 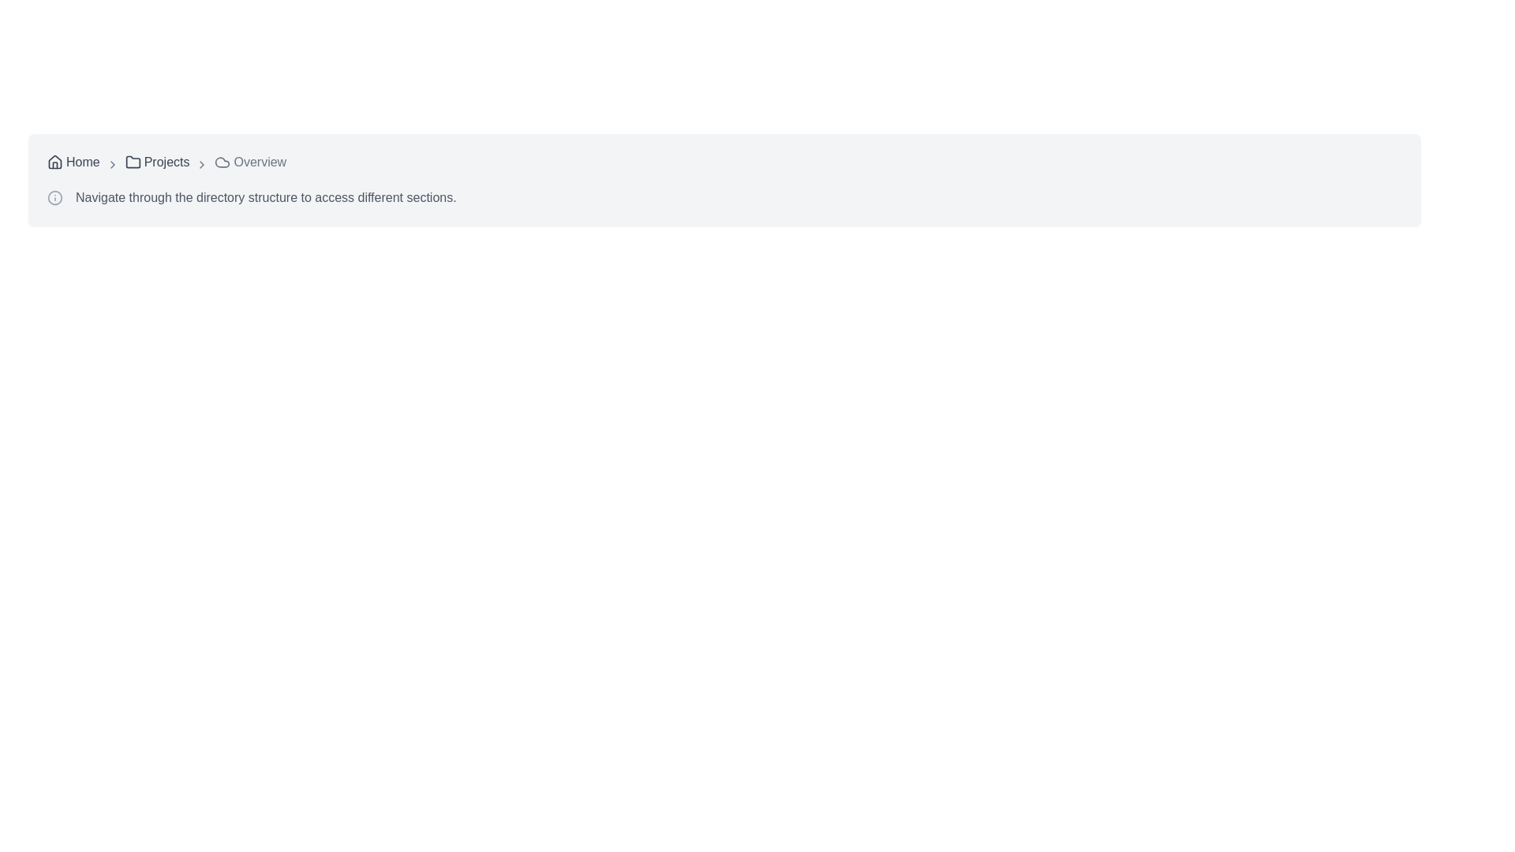 I want to click on the 'Projects' Breadcrumb navigation item, so click(x=157, y=164).